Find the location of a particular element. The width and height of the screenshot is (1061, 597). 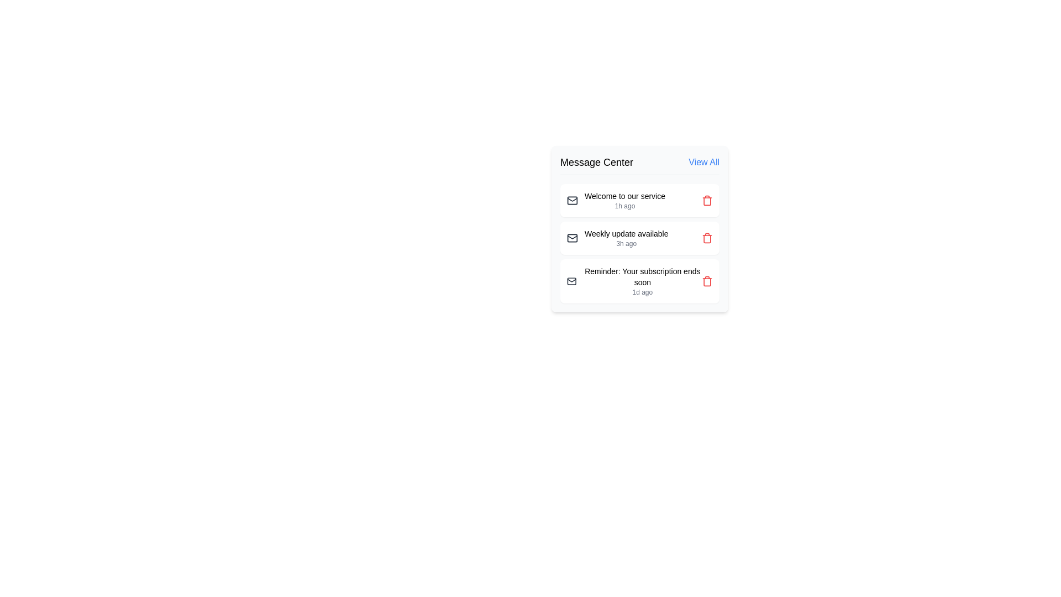

displayed message 'Reminder: Your subscription ends soon' from the first text component in the message list interface, which is prominently positioned above the timestamp is located at coordinates (642, 276).